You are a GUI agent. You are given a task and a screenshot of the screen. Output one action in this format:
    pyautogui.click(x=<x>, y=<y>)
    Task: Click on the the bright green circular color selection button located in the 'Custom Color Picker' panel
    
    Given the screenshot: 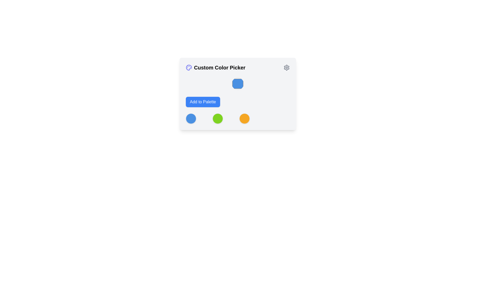 What is the action you would take?
    pyautogui.click(x=218, y=118)
    